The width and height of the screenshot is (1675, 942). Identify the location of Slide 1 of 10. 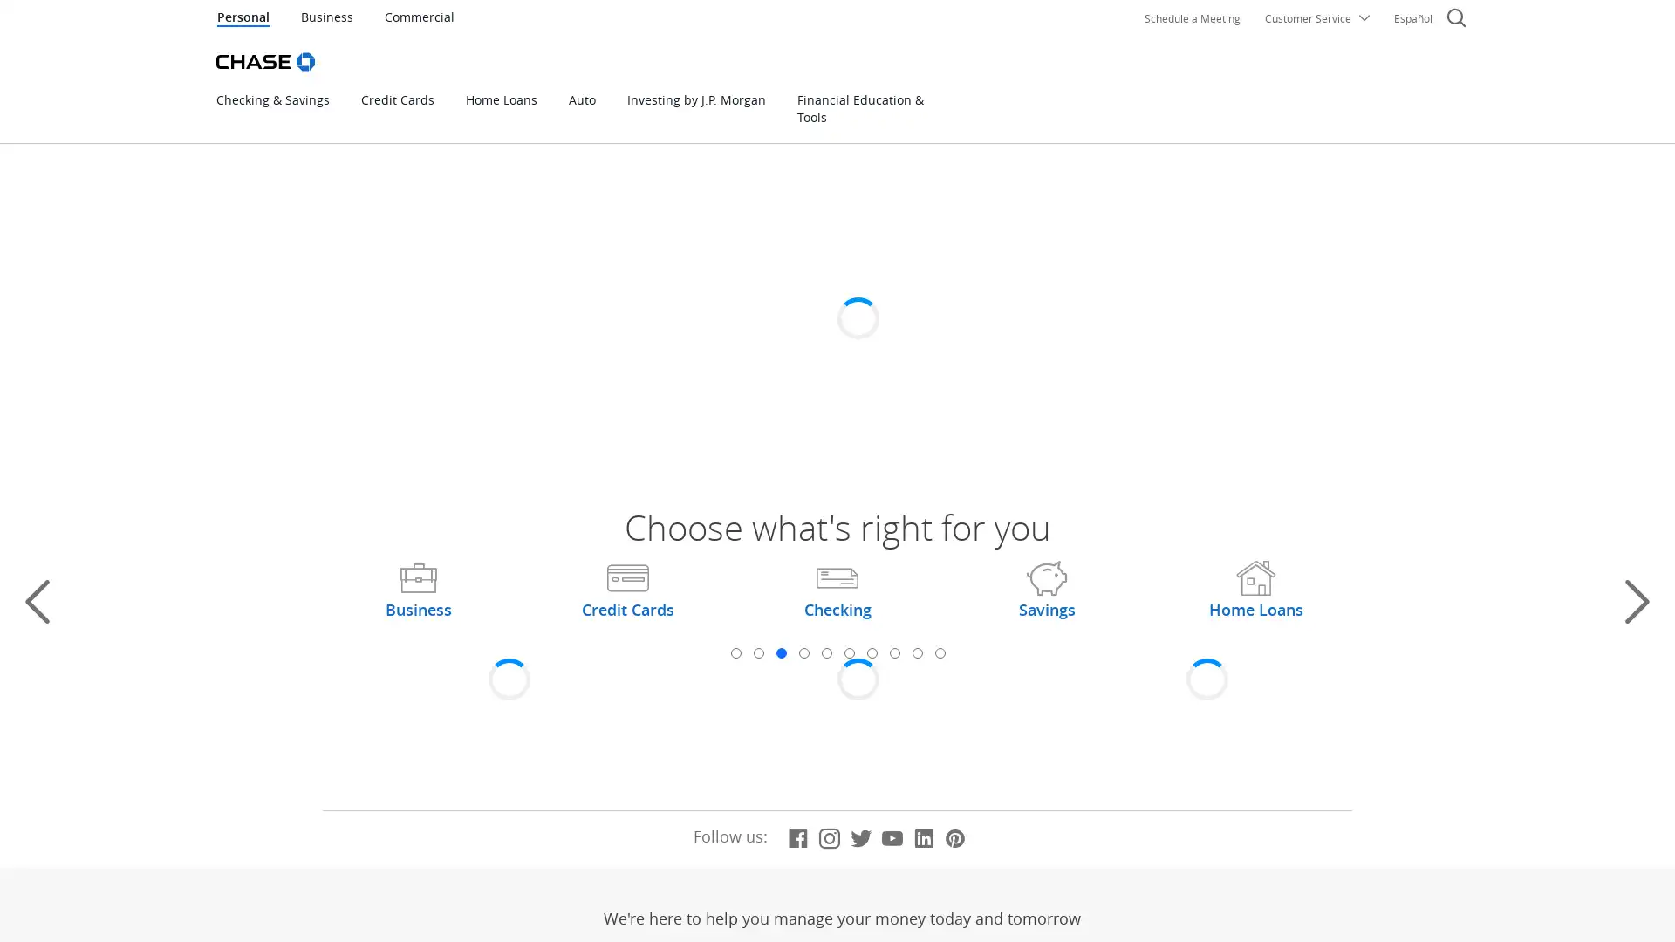
(735, 652).